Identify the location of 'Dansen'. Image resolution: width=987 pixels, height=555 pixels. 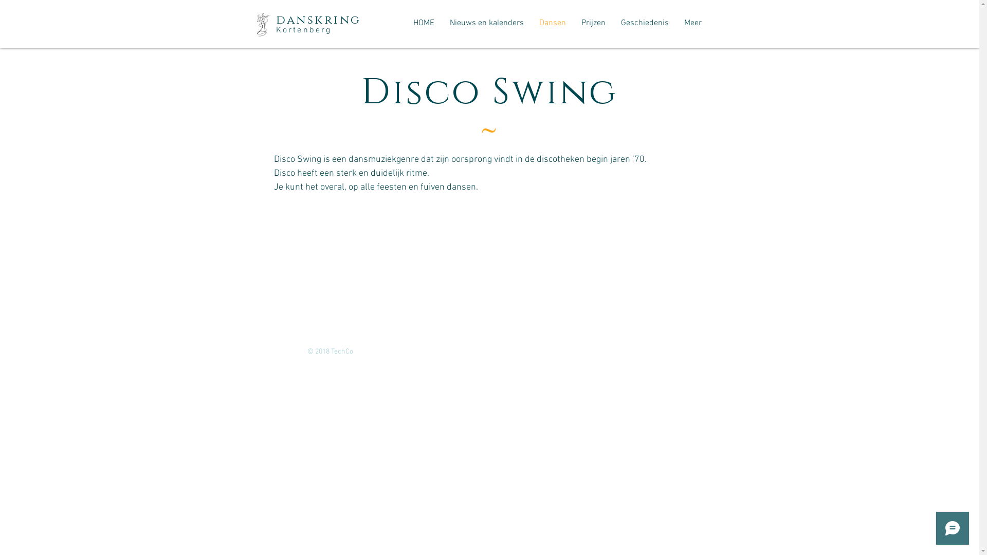
(552, 23).